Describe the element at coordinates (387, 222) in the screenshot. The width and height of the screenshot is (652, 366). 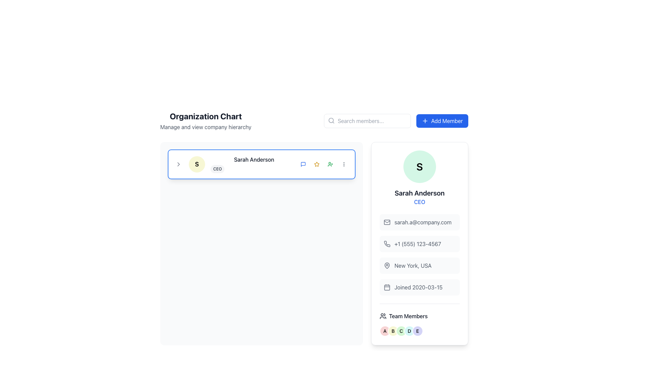
I see `the email icon located to the left of the email address 'sarah.a@company.com' in the user information panel` at that location.